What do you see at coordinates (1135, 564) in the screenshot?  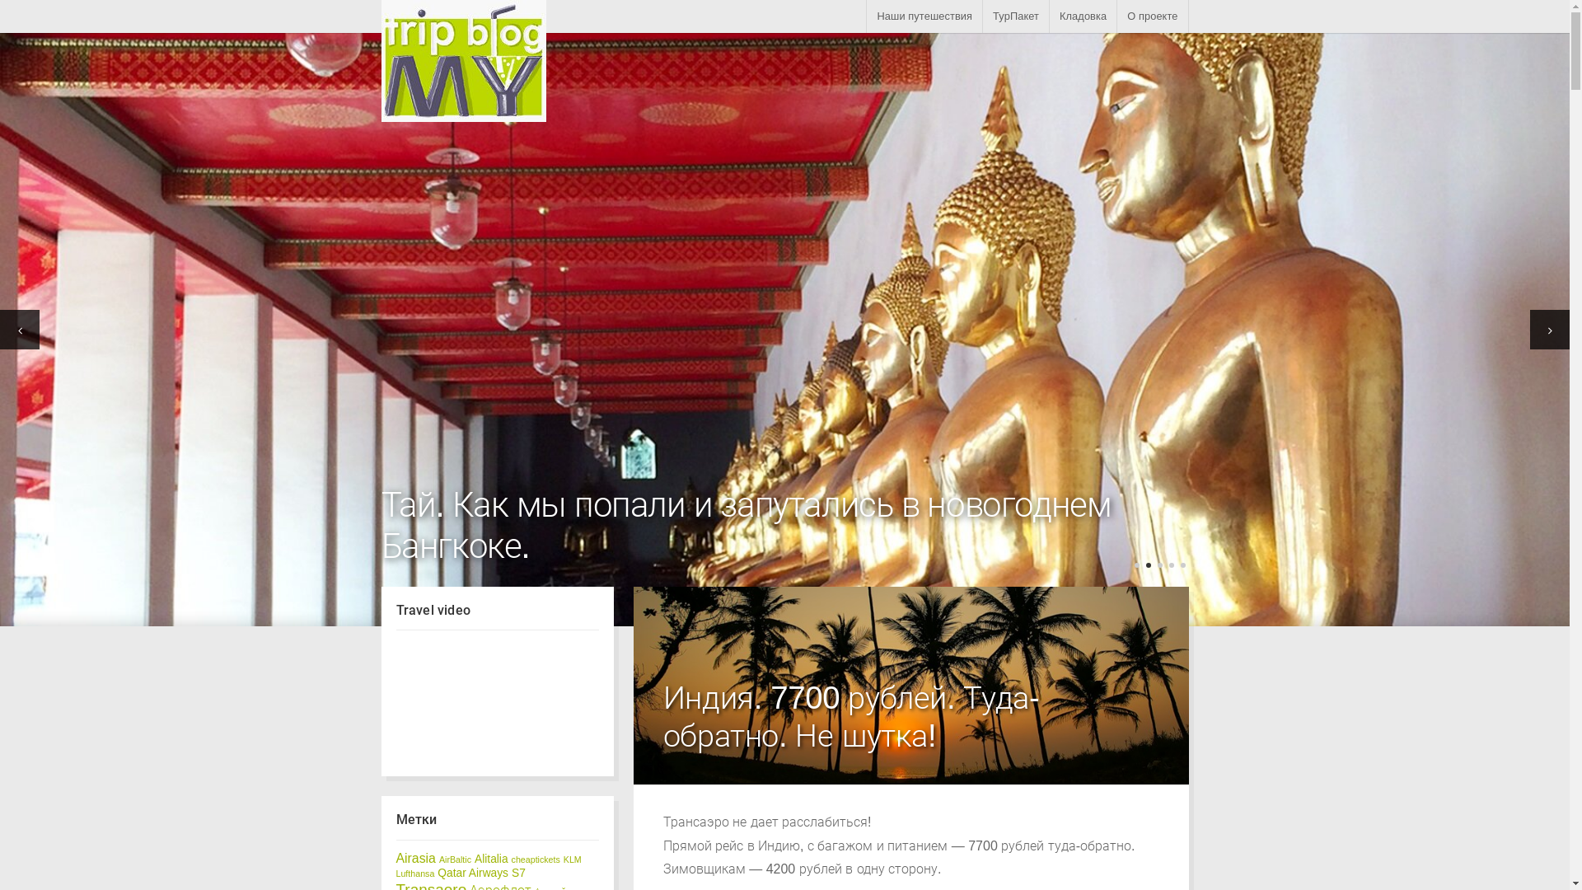 I see `'1'` at bounding box center [1135, 564].